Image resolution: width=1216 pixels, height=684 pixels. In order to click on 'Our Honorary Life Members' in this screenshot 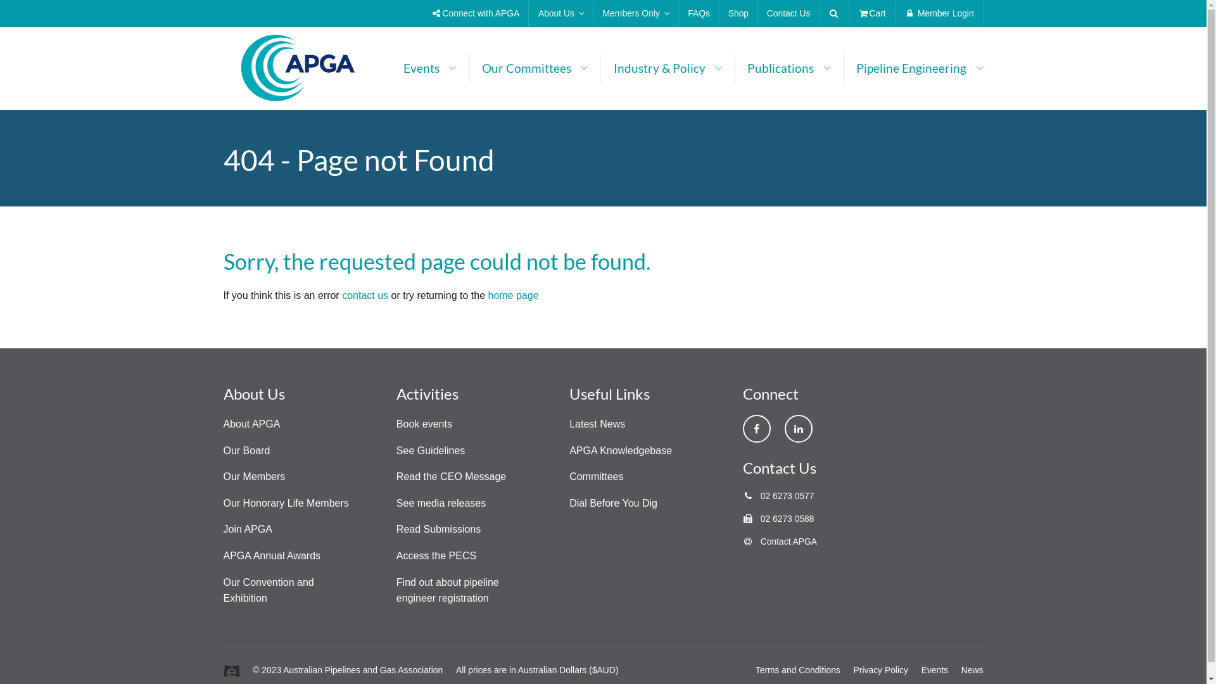, I will do `click(285, 502)`.